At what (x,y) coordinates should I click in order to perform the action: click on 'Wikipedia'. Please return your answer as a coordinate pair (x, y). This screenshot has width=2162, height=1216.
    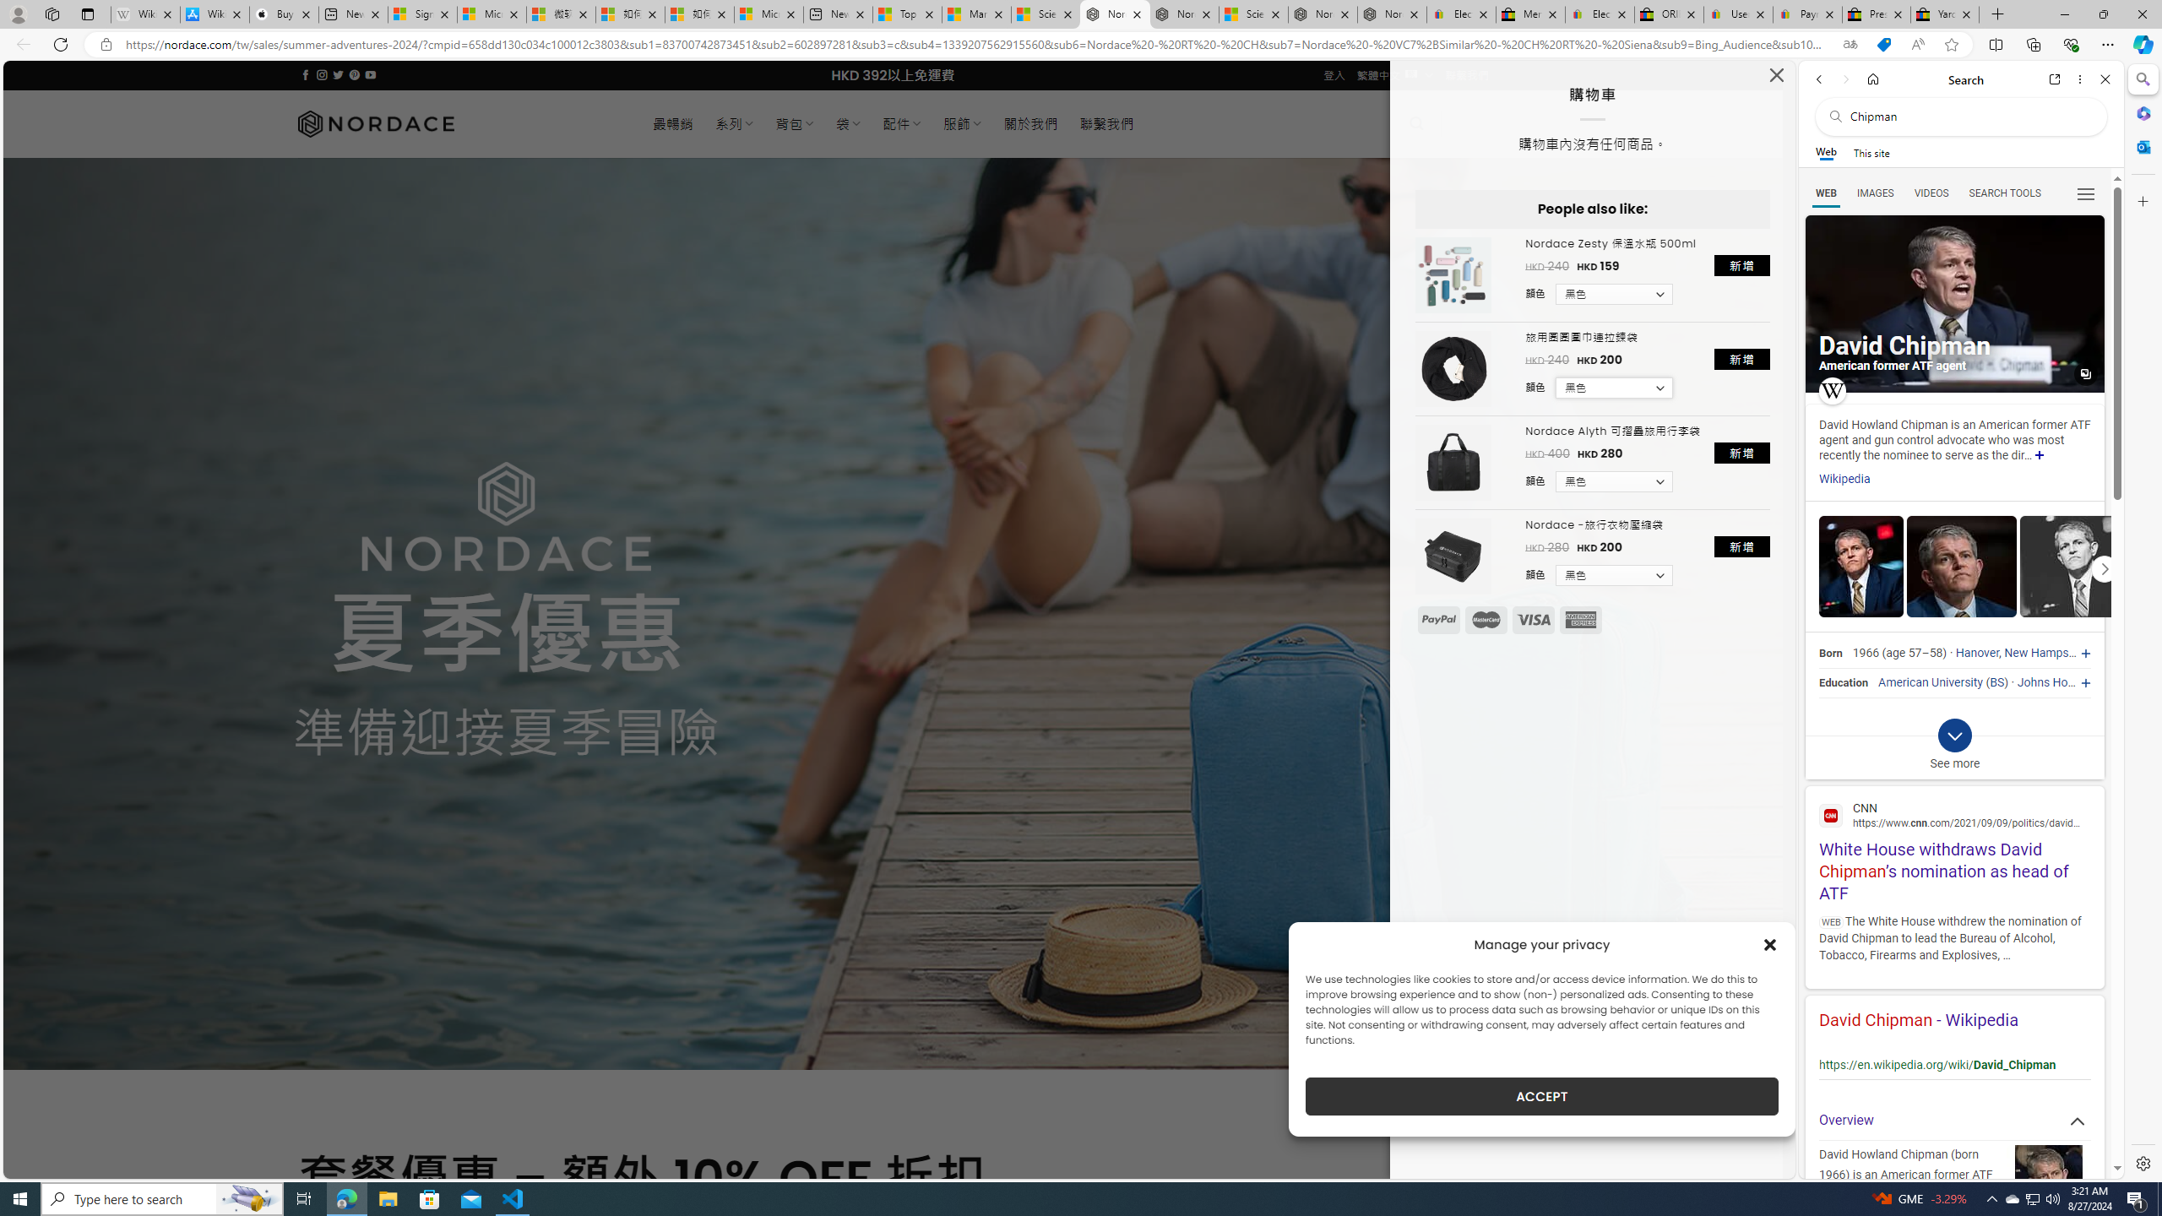
    Looking at the image, I should click on (1843, 479).